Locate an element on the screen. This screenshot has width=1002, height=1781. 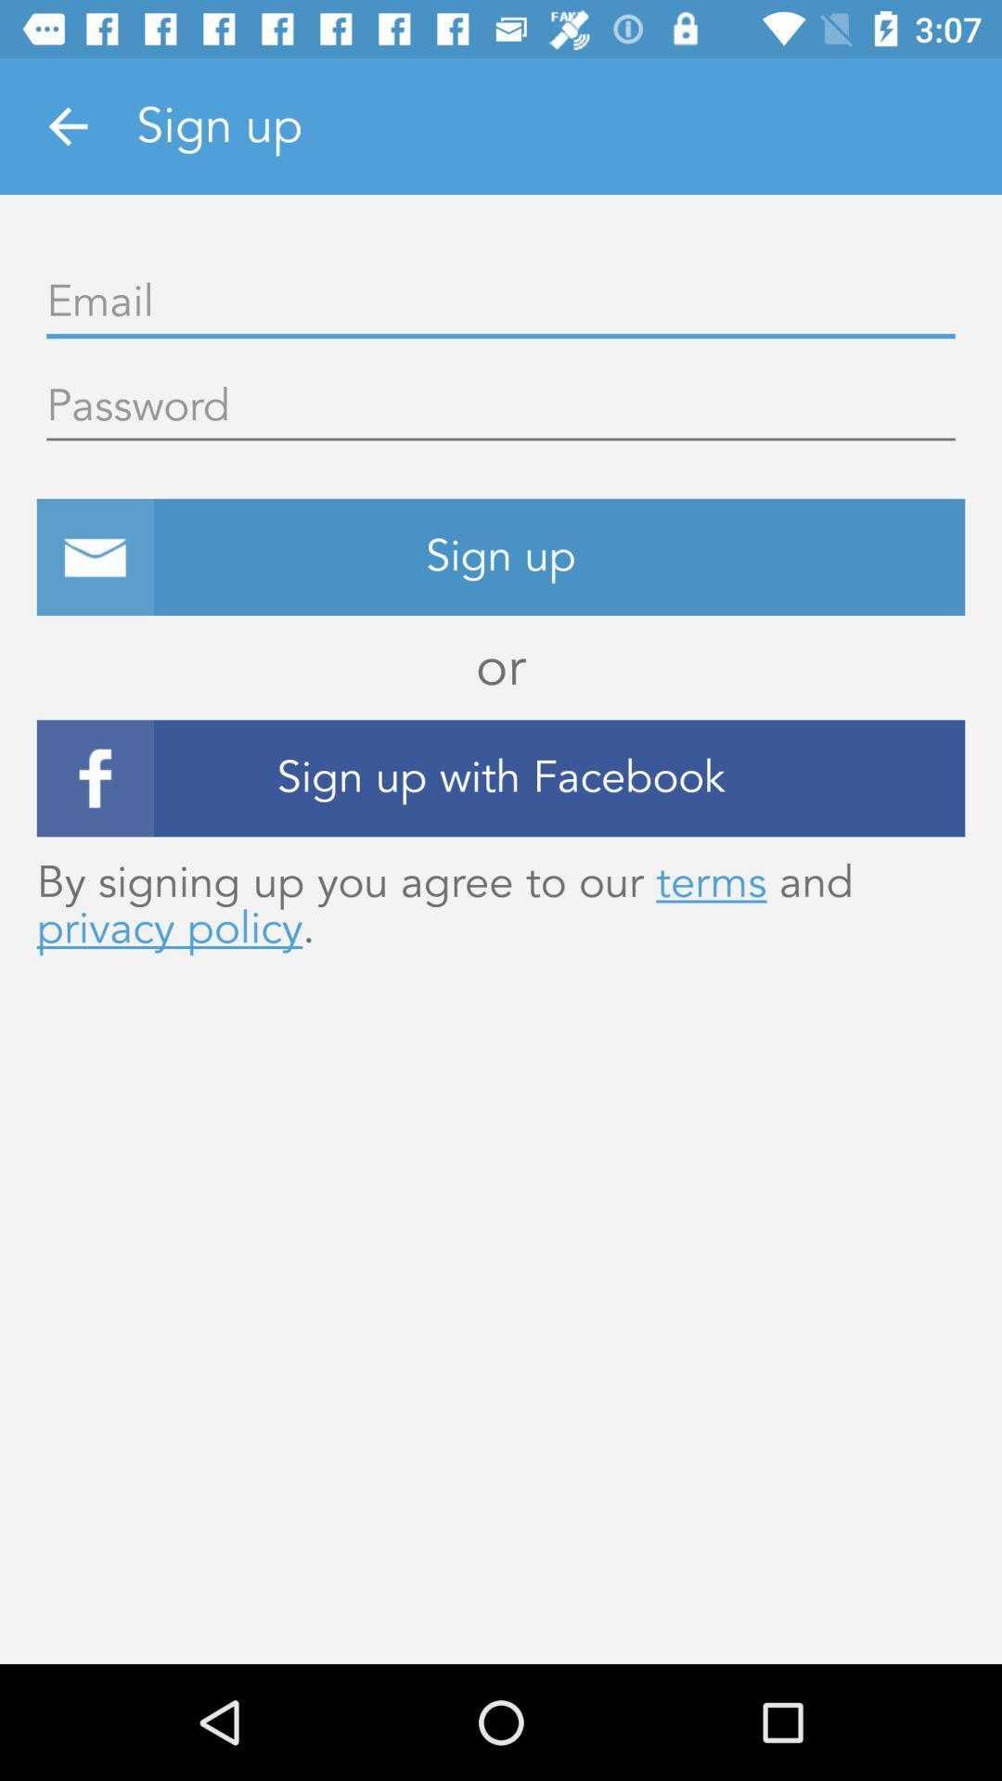
the icon at the top left corner is located at coordinates (67, 125).